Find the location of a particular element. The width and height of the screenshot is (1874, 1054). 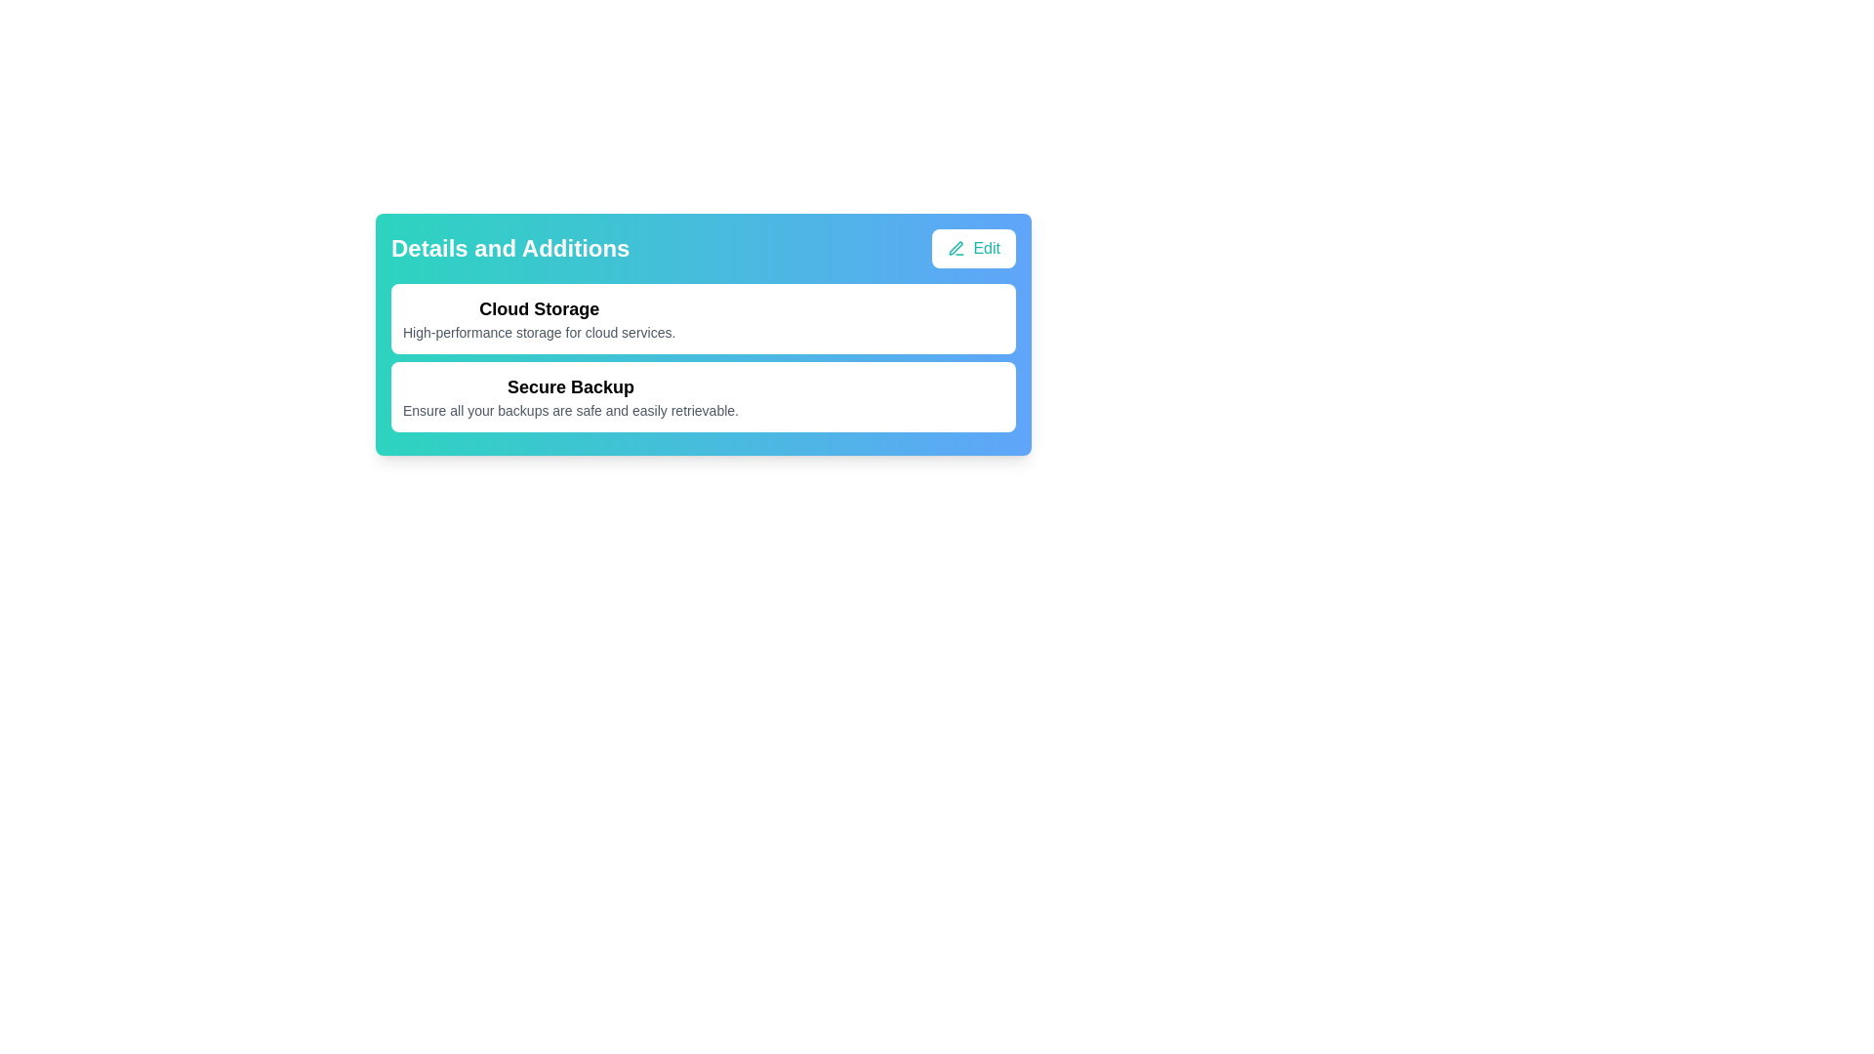

the 'Edit' button located in the top right corner of the 'Details and Additions' section is located at coordinates (974, 247).